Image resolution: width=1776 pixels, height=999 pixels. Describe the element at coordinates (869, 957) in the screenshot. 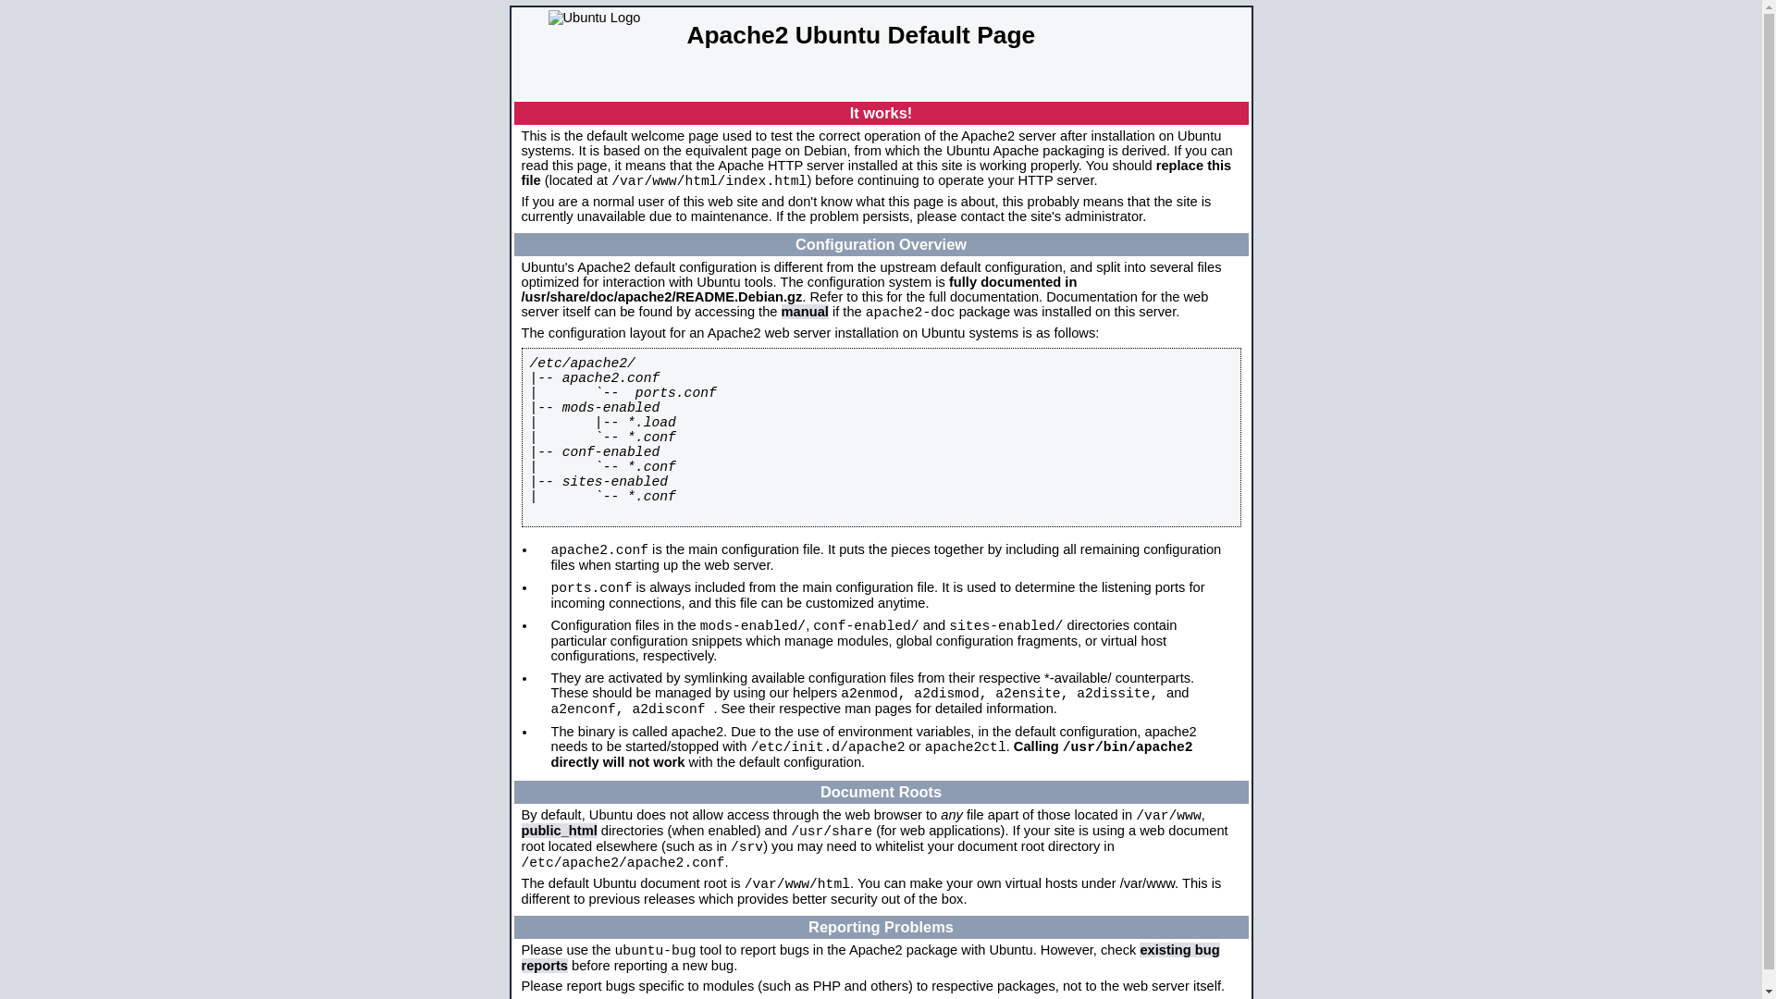

I see `'existing bug reports'` at that location.